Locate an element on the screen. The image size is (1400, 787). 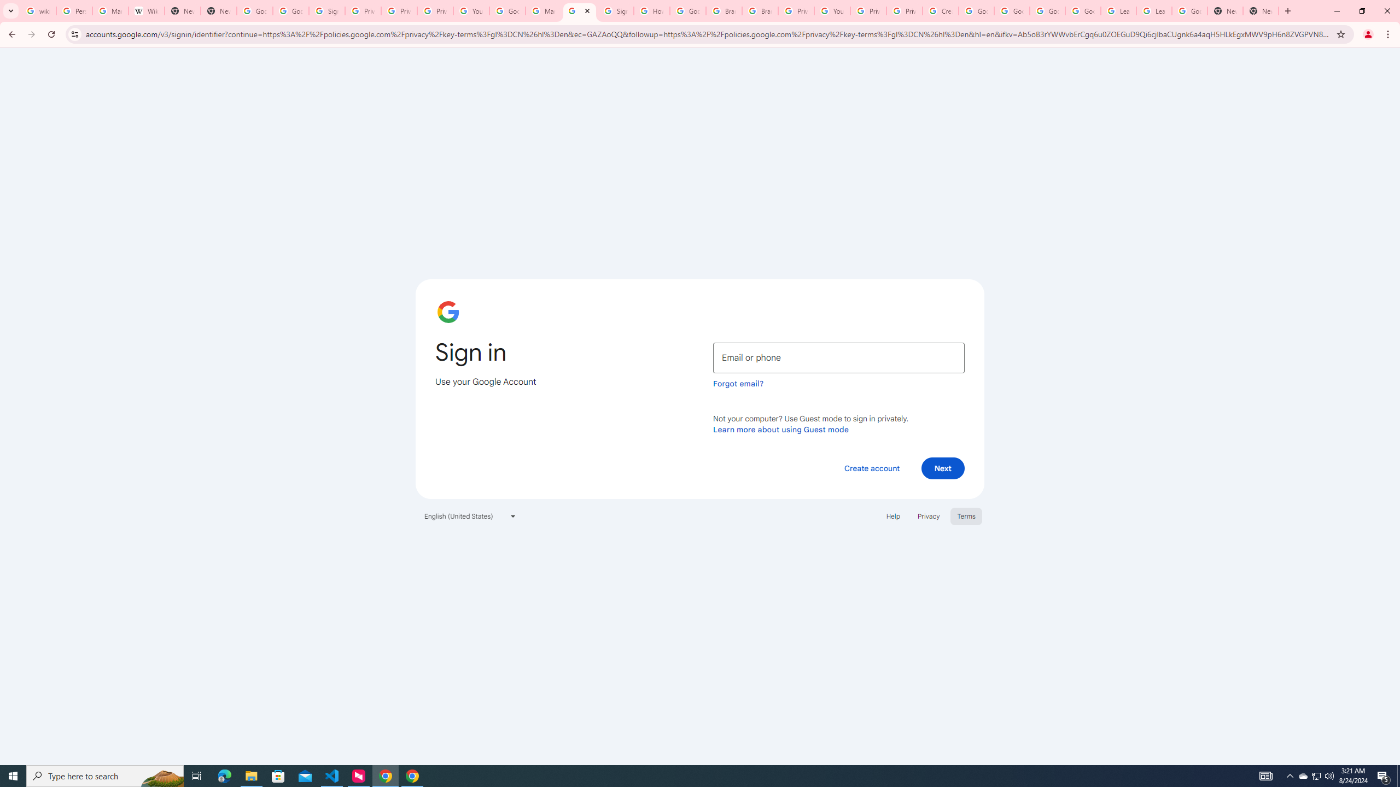
'Forgot email?' is located at coordinates (738, 383).